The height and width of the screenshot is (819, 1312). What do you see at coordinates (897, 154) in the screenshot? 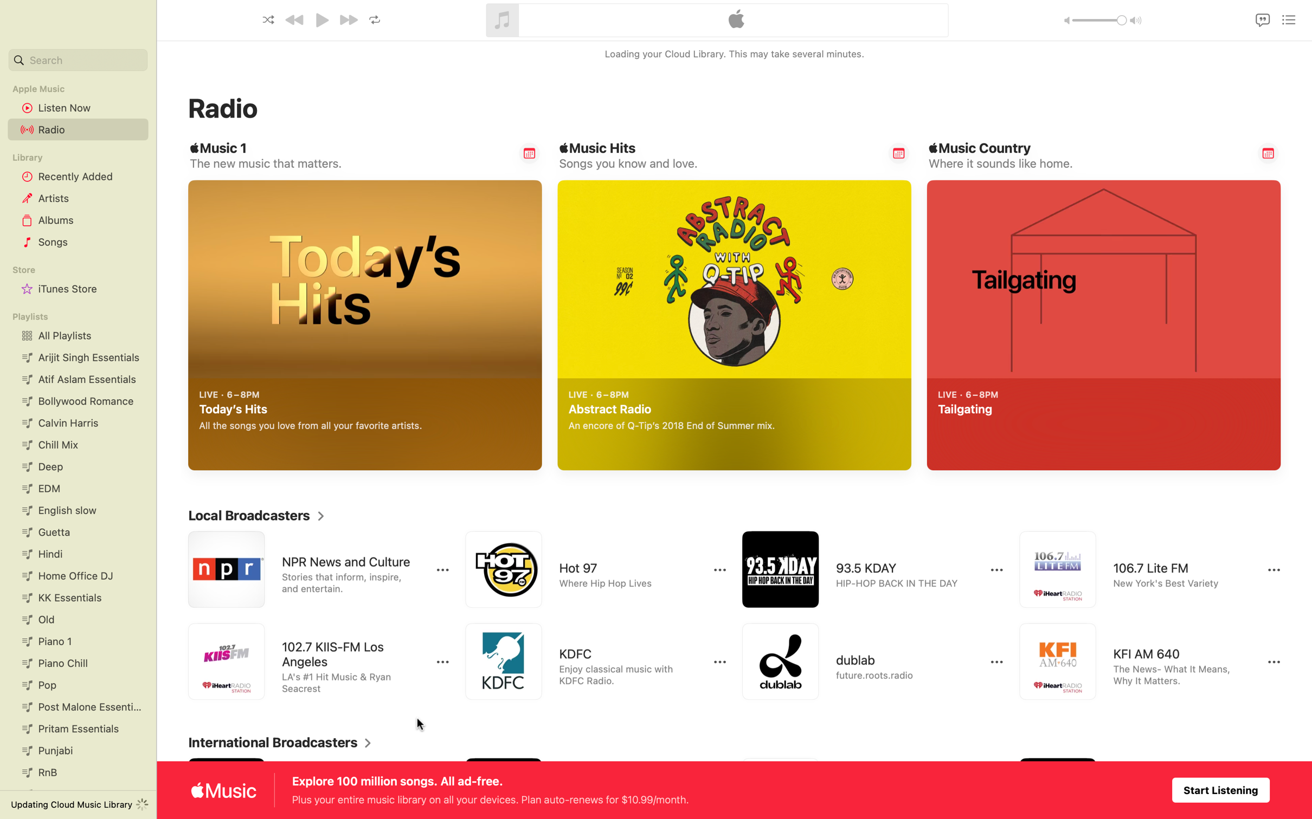
I see `Notify me about Top Music Tracks` at bounding box center [897, 154].